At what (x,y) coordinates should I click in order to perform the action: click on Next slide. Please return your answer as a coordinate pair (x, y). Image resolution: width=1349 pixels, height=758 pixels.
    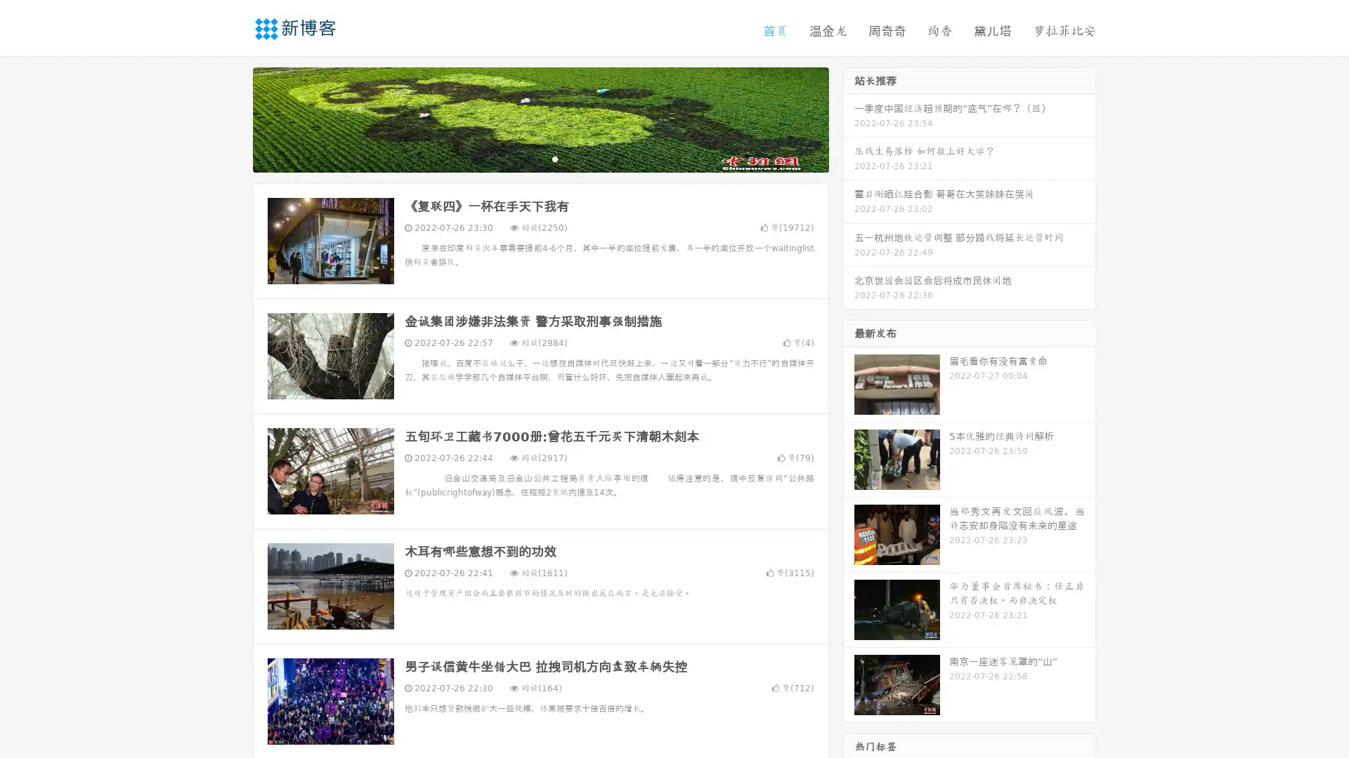
    Looking at the image, I should click on (849, 118).